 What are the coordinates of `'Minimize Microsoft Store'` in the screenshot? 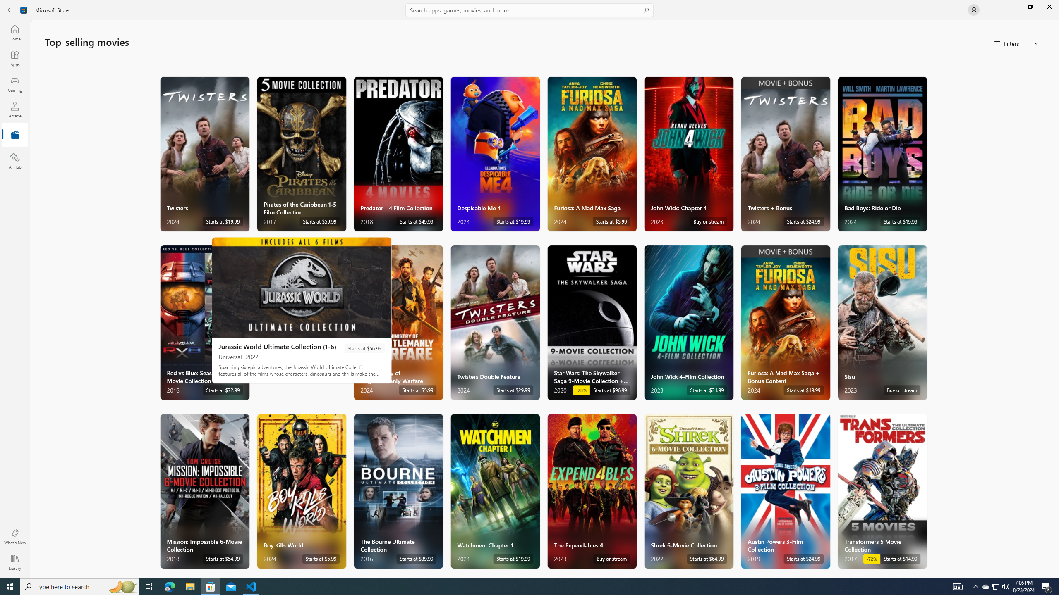 It's located at (1011, 6).